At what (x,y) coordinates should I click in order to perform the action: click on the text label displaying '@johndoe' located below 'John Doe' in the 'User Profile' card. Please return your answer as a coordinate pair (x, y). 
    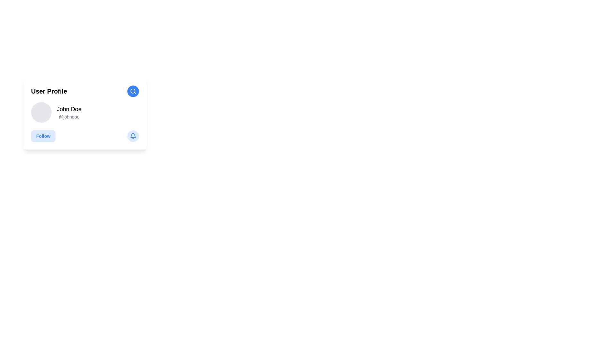
    Looking at the image, I should click on (69, 117).